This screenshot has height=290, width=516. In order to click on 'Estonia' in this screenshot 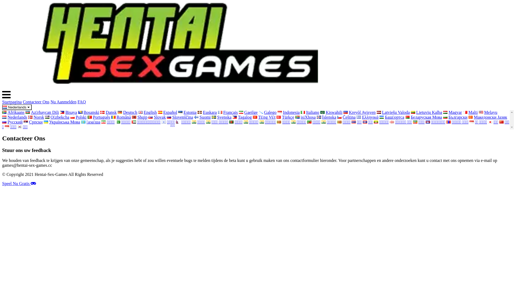, I will do `click(187, 112)`.